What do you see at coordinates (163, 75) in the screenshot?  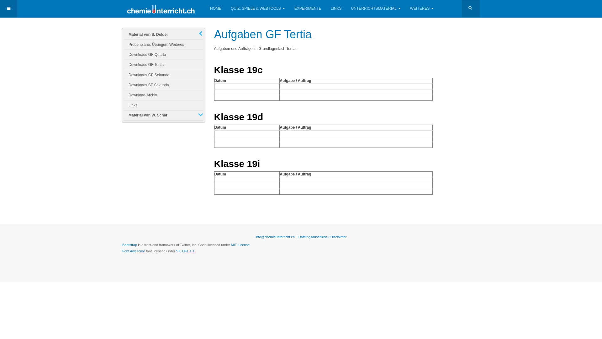 I see `'Downloads GF Sekunda'` at bounding box center [163, 75].